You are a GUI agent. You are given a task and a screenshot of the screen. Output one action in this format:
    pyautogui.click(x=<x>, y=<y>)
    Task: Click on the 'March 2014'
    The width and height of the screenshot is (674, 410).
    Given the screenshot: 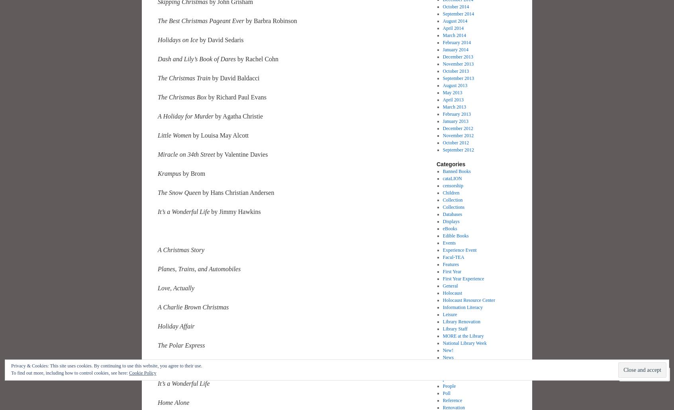 What is the action you would take?
    pyautogui.click(x=454, y=35)
    